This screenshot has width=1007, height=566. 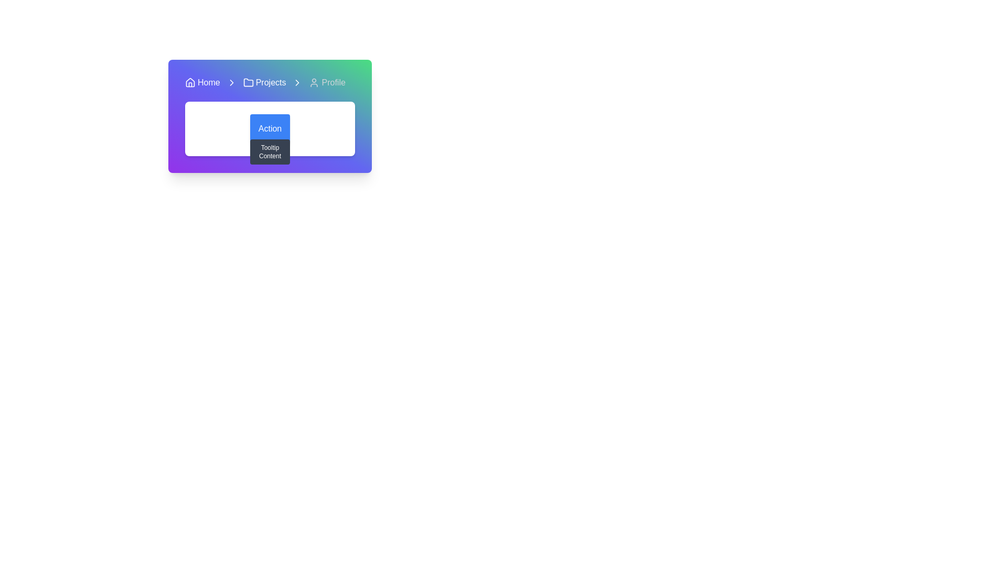 What do you see at coordinates (297, 82) in the screenshot?
I see `the rightward-pointing chevron icon located to the right of the 'Projects' text in the breadcrumb navigation bar` at bounding box center [297, 82].